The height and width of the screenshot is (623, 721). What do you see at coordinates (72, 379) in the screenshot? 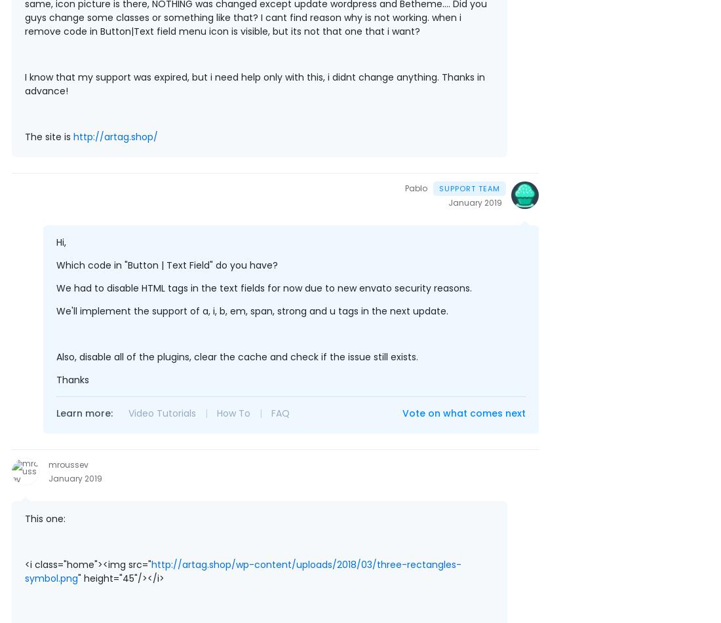
I see `'Thanks'` at bounding box center [72, 379].